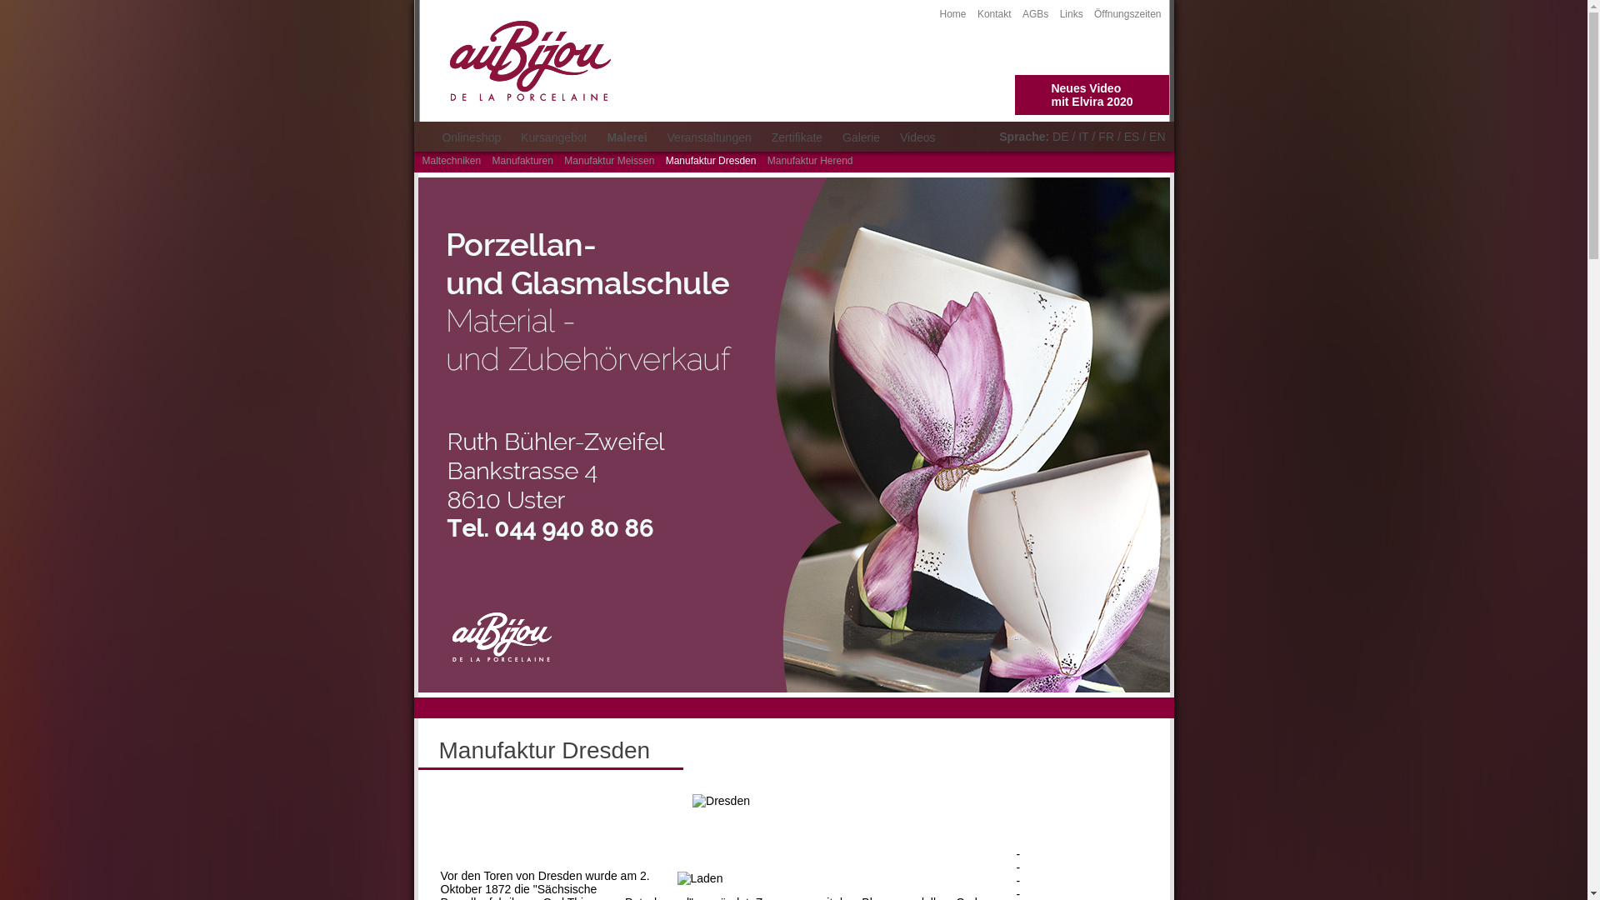 This screenshot has height=900, width=1600. What do you see at coordinates (1156, 136) in the screenshot?
I see `'EN'` at bounding box center [1156, 136].